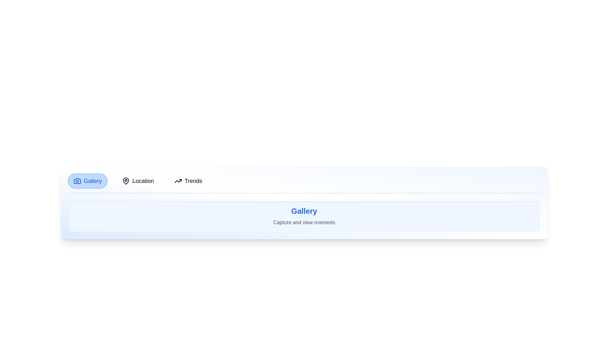 This screenshot has height=343, width=611. I want to click on the Gallery tab, so click(87, 181).